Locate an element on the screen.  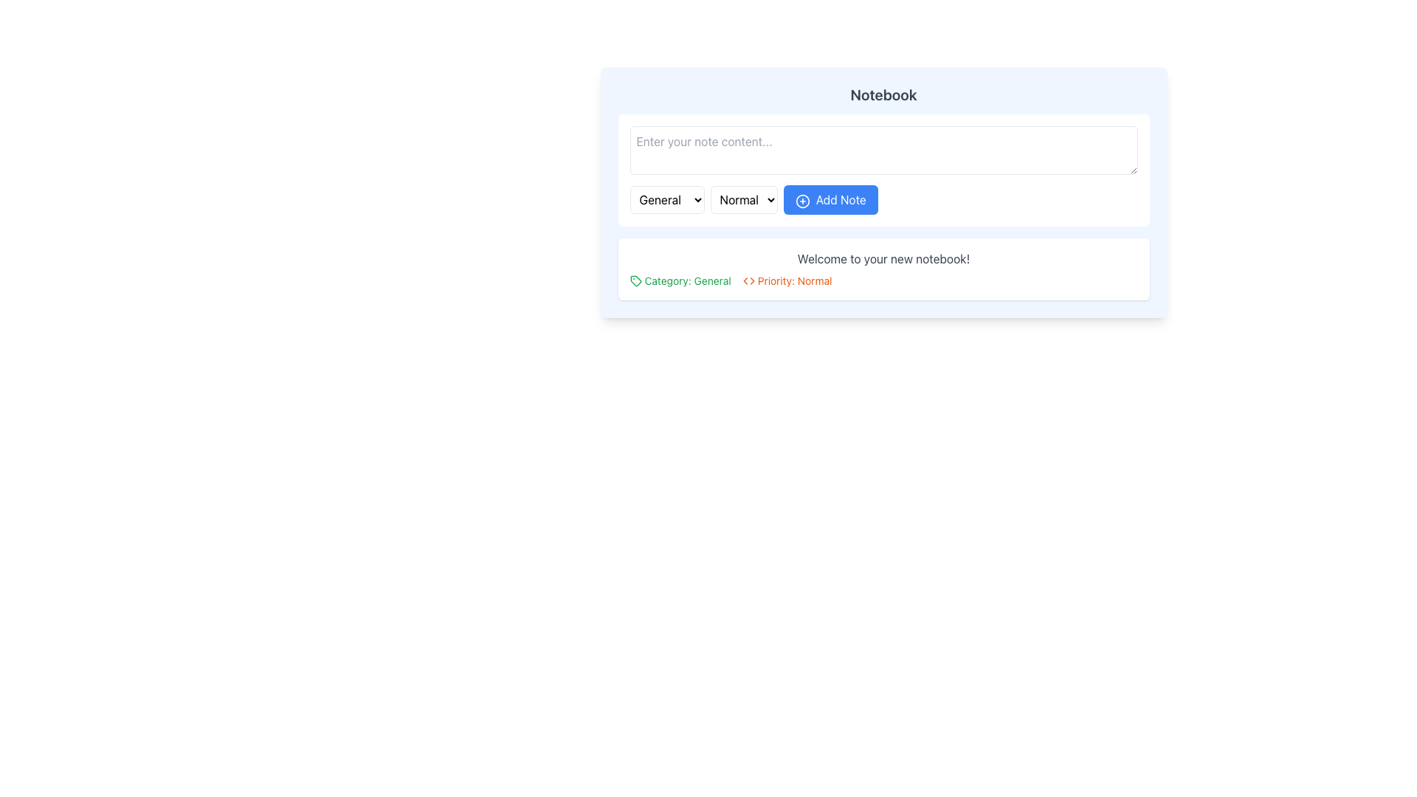
the Text Display with Metadata that provides context about the notebook's category and priority level, positioned centrally below the 'Notebook' header is located at coordinates (883, 269).